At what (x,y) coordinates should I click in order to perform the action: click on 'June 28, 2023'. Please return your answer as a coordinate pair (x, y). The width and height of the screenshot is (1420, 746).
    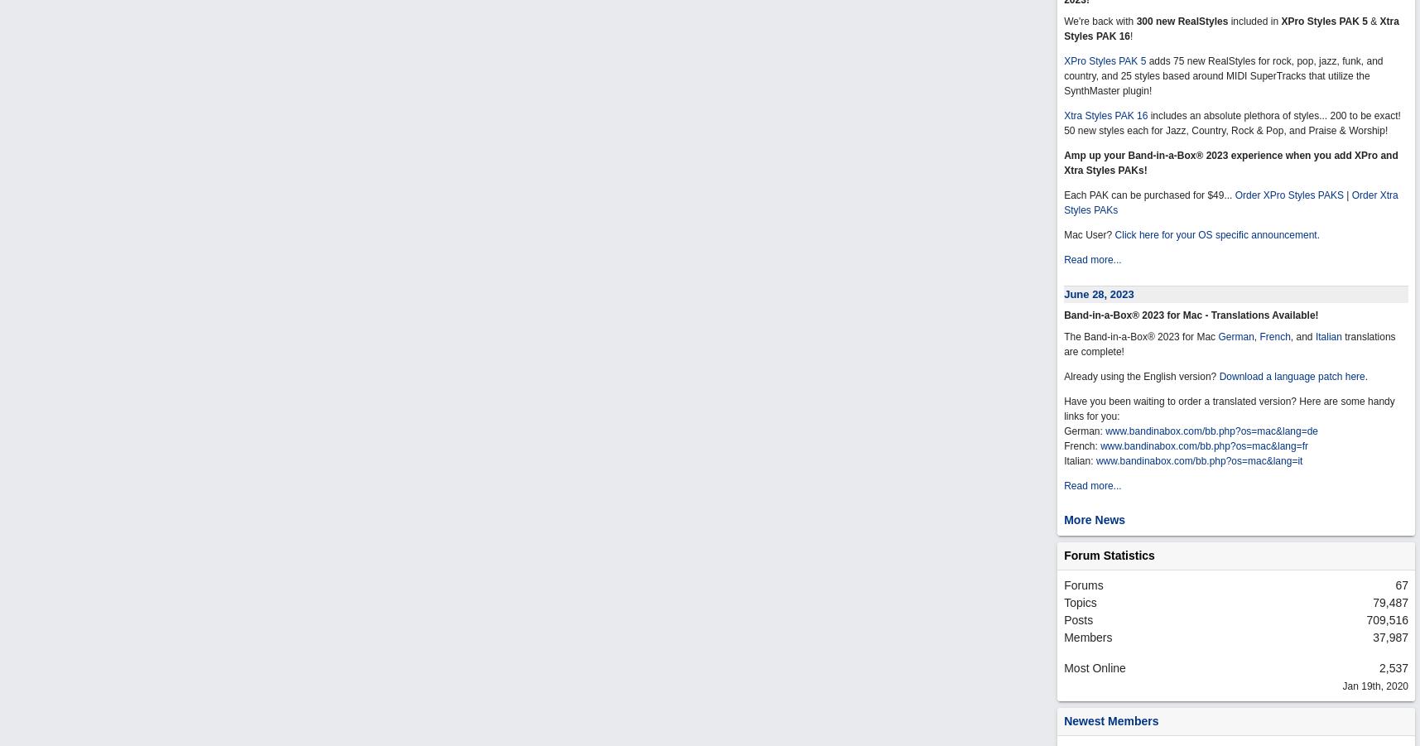
    Looking at the image, I should click on (1063, 294).